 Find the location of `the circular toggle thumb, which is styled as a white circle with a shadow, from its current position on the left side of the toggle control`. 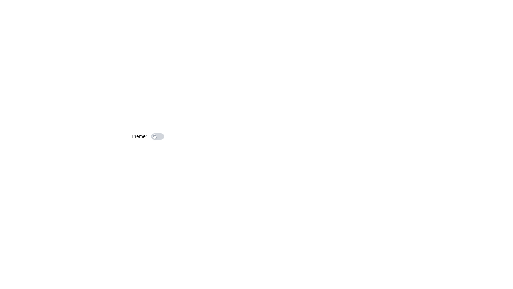

the circular toggle thumb, which is styled as a white circle with a shadow, from its current position on the left side of the toggle control is located at coordinates (168, 136).